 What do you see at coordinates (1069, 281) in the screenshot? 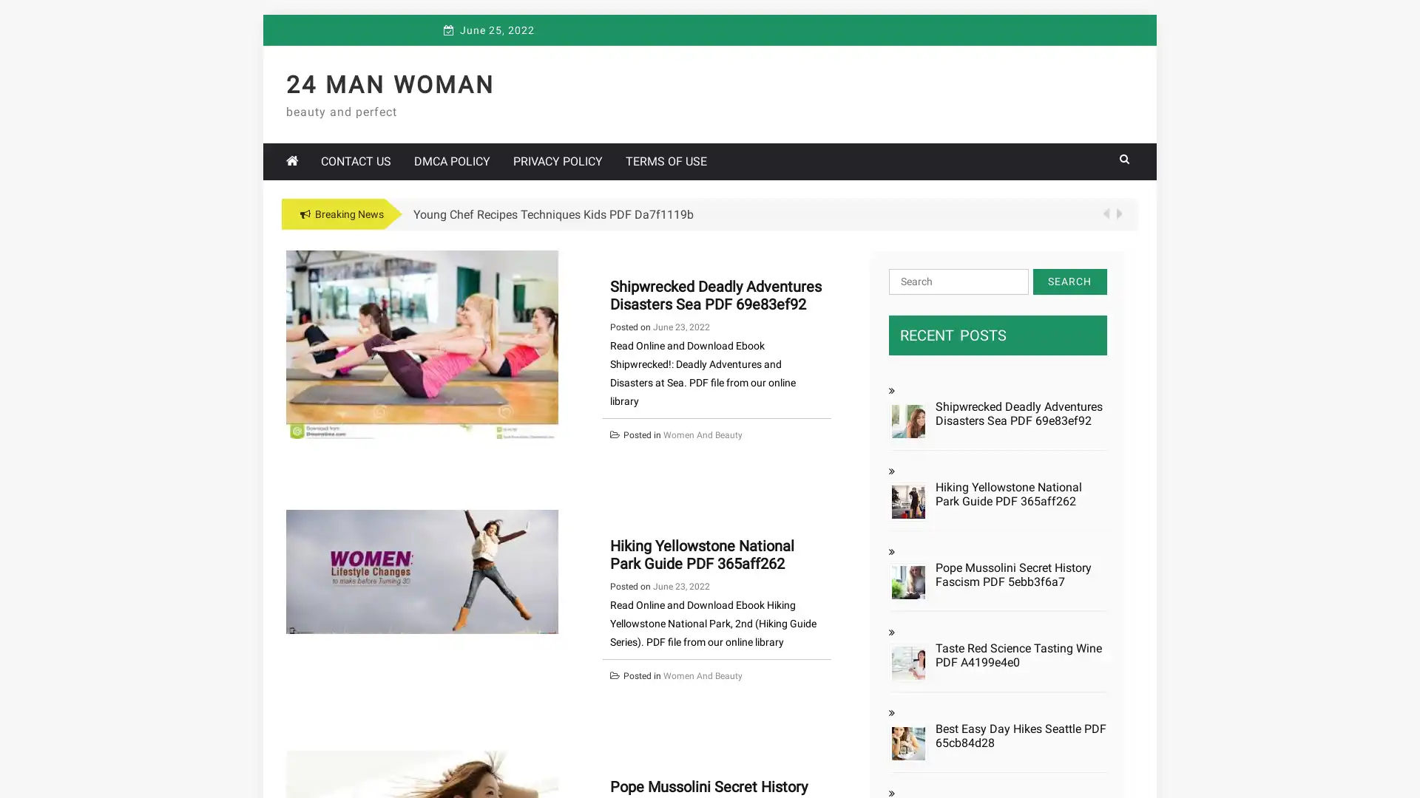
I see `Search` at bounding box center [1069, 281].